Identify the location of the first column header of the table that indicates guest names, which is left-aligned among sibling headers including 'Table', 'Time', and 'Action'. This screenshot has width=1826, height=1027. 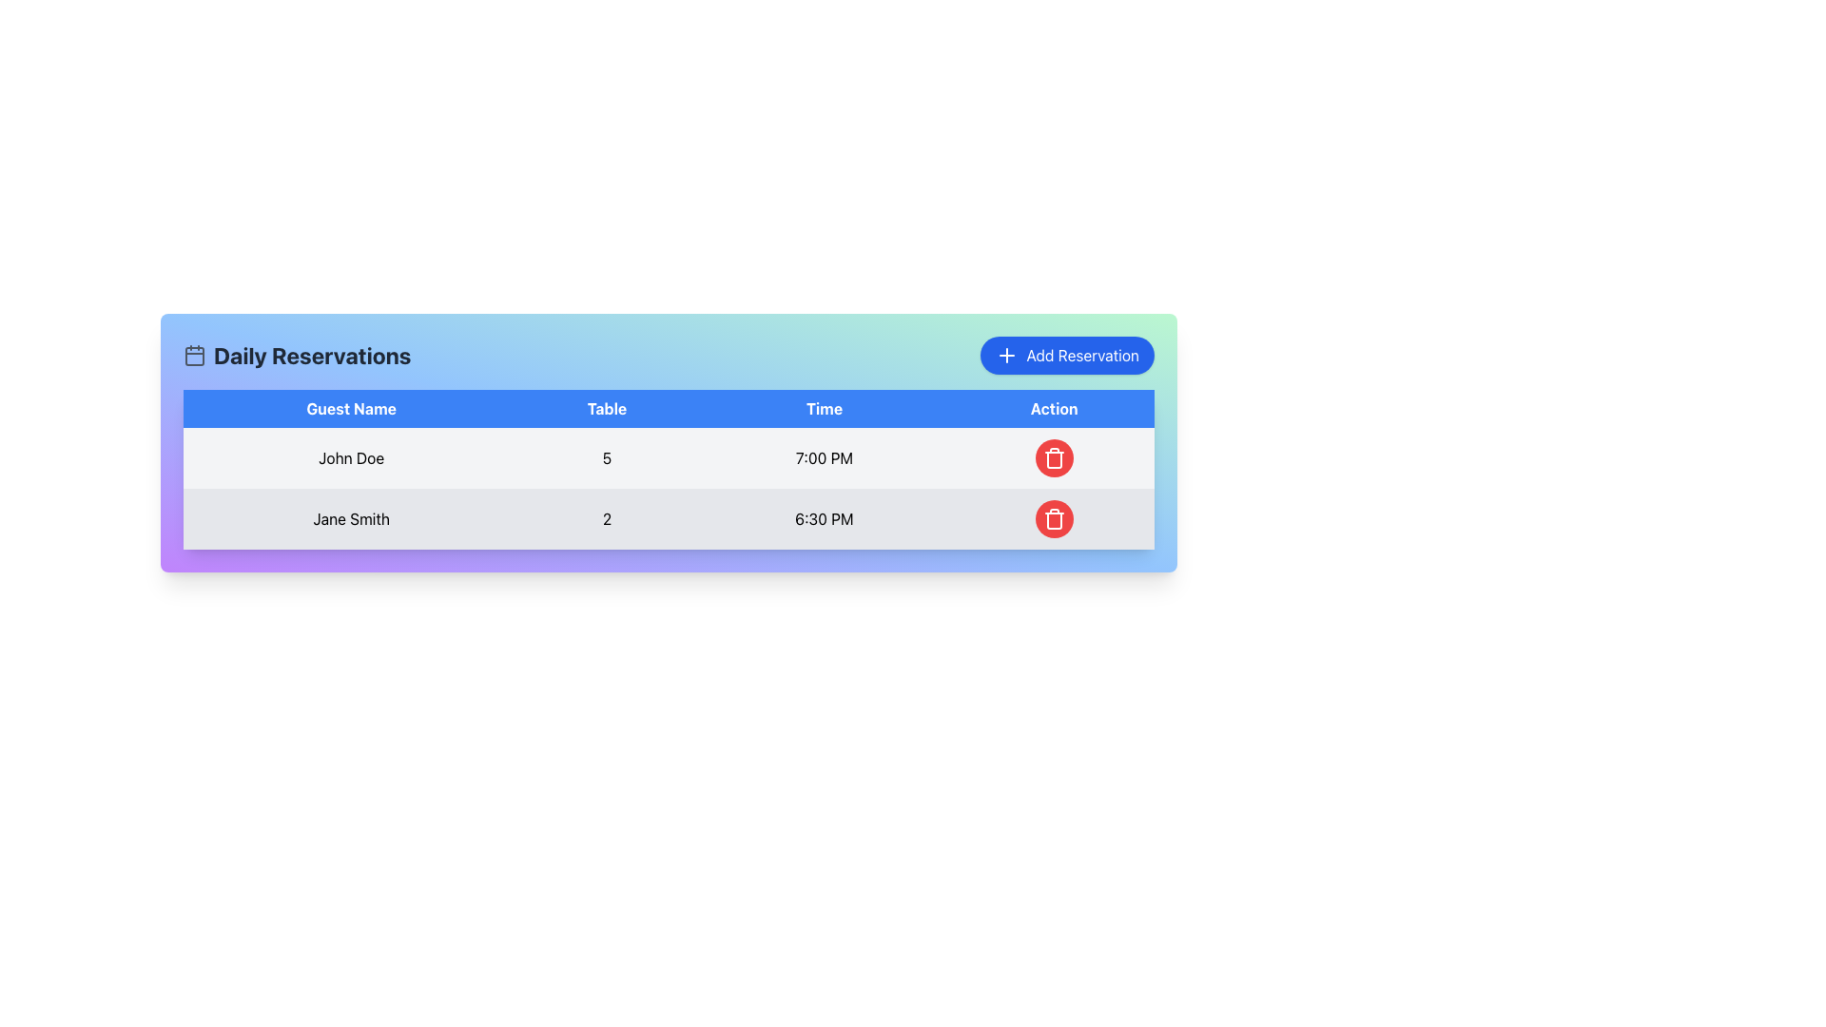
(351, 407).